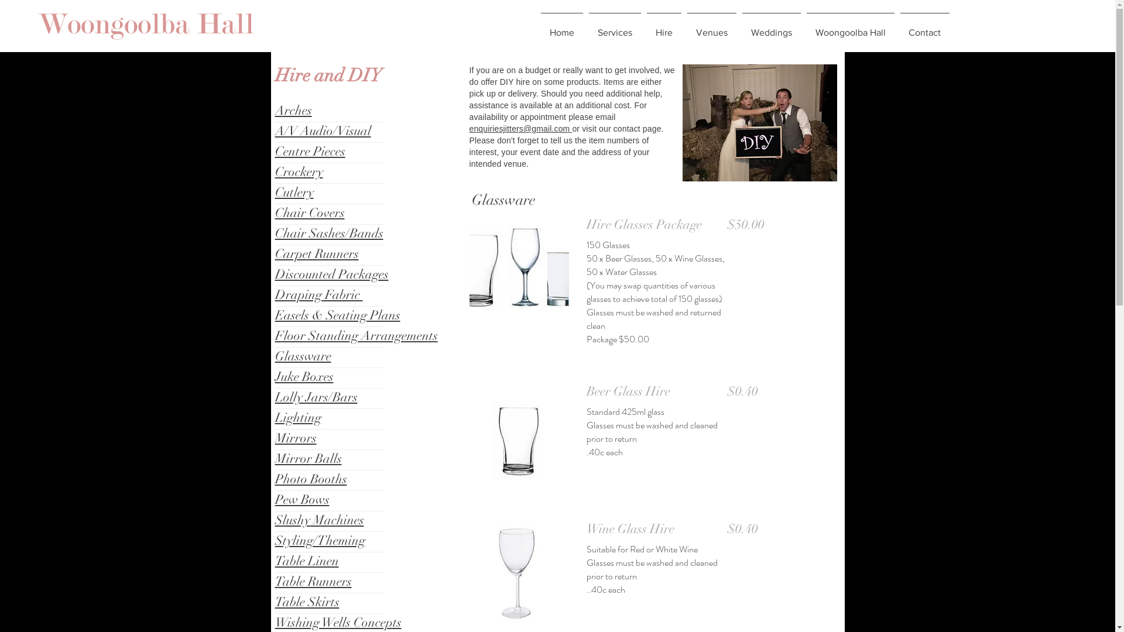 The image size is (1124, 632). I want to click on 'Pew Bows', so click(302, 499).